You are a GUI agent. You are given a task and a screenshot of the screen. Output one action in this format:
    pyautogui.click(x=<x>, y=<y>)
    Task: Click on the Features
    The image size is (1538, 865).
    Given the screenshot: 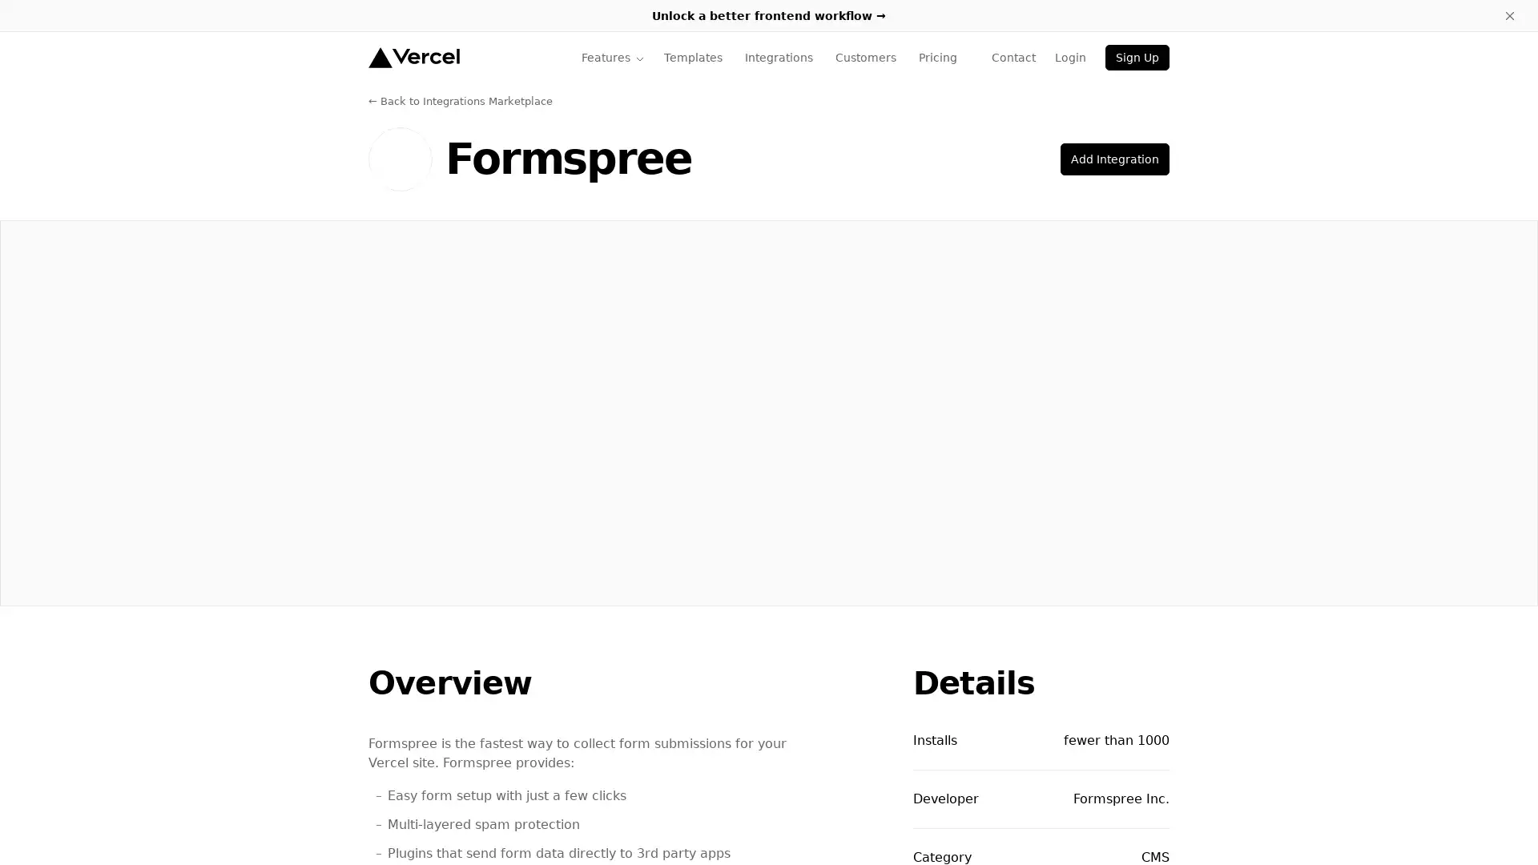 What is the action you would take?
    pyautogui.click(x=612, y=57)
    